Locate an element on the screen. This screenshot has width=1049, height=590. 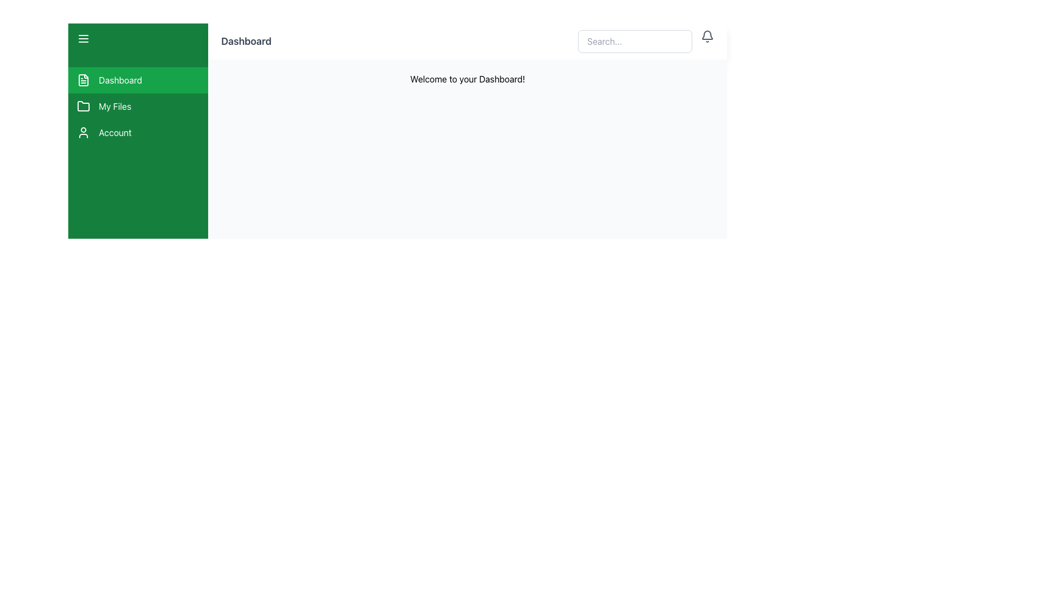
the toggle button icon for the collapsible navigation menu located at the top-left corner of the sidebar is located at coordinates (83, 38).